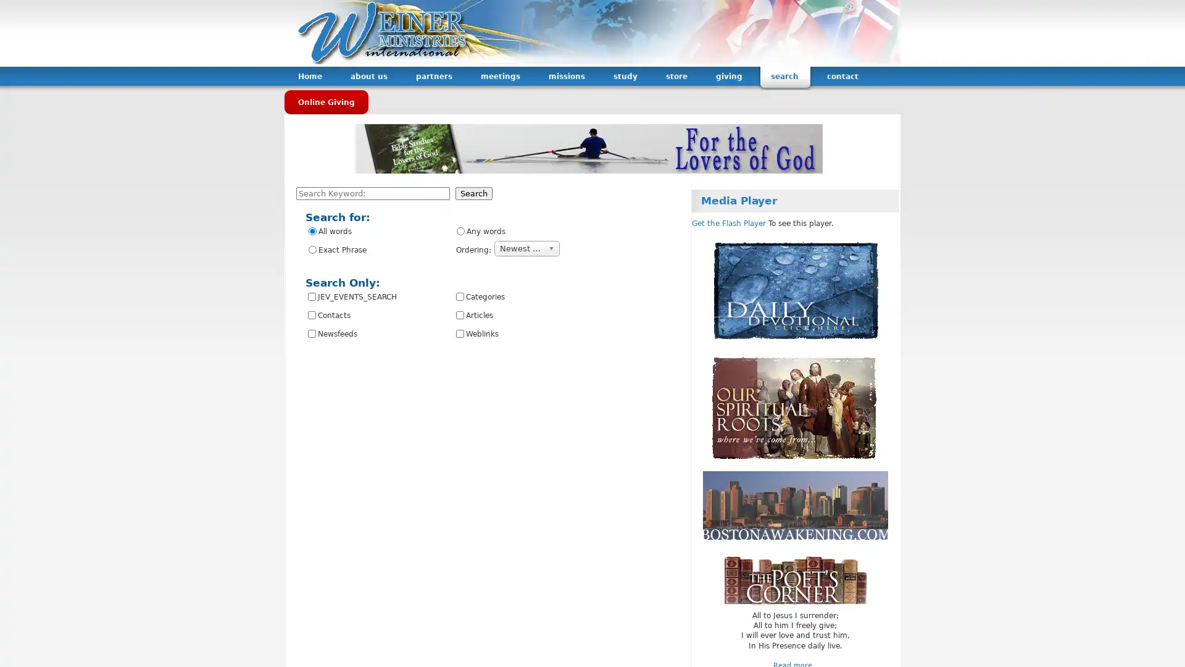  Describe the element at coordinates (473, 193) in the screenshot. I see `Search` at that location.